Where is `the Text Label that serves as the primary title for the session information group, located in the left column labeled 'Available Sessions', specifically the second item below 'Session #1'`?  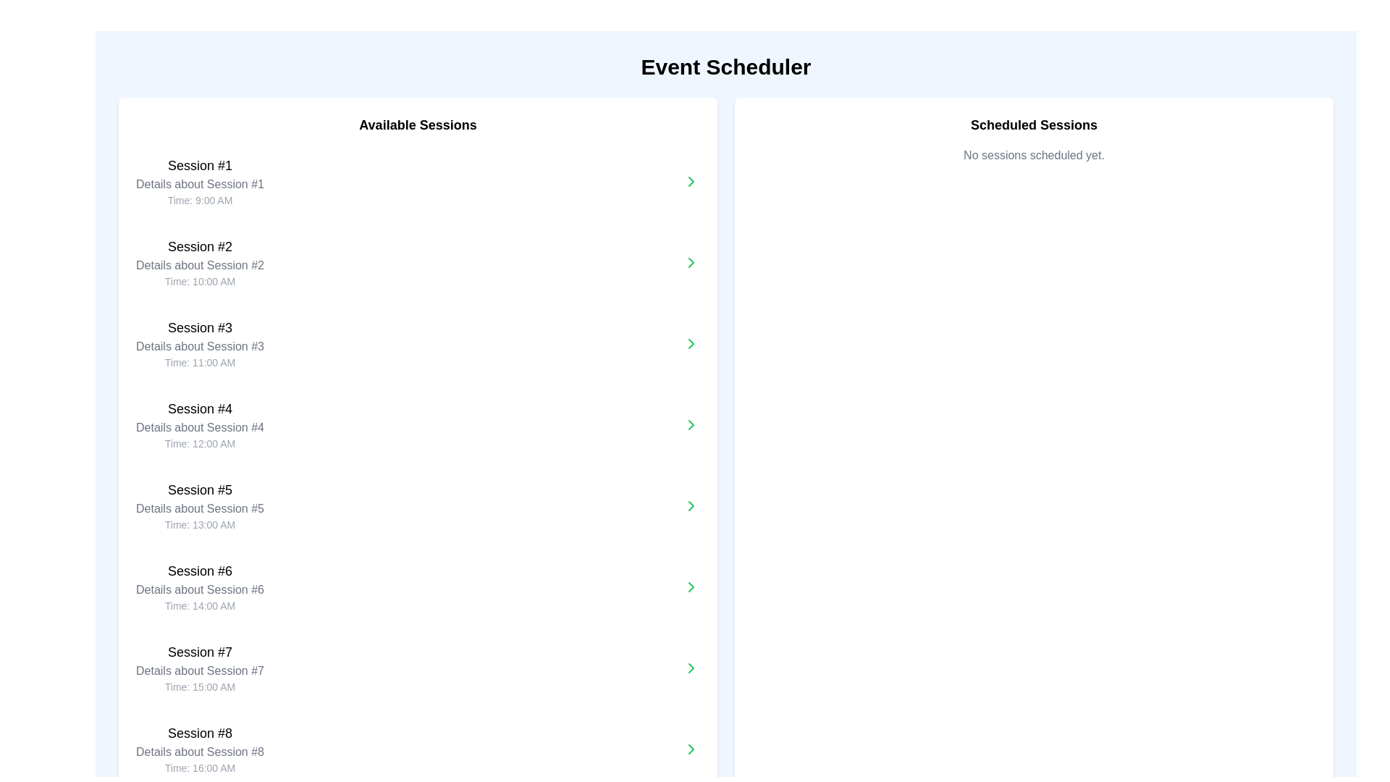
the Text Label that serves as the primary title for the session information group, located in the left column labeled 'Available Sessions', specifically the second item below 'Session #1' is located at coordinates (199, 245).